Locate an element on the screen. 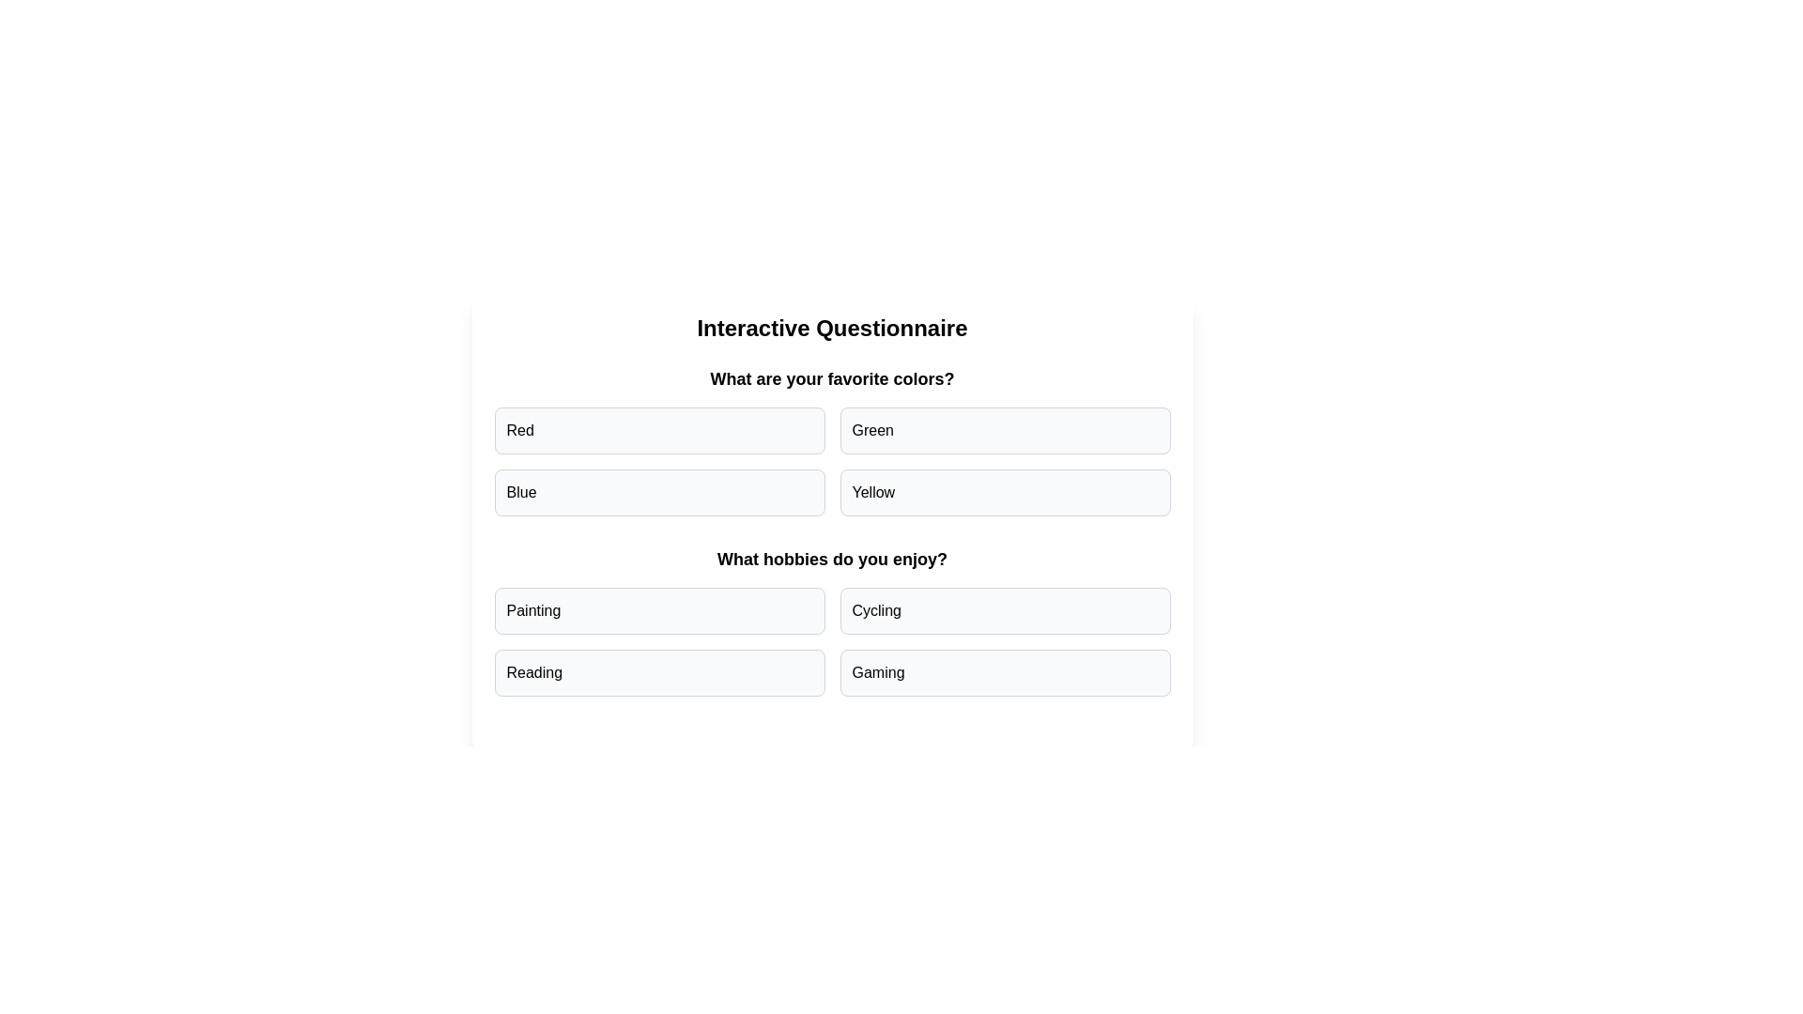 This screenshot has height=1014, width=1803. the answer option Green for the question What are your favorite colors? is located at coordinates (1004, 431).